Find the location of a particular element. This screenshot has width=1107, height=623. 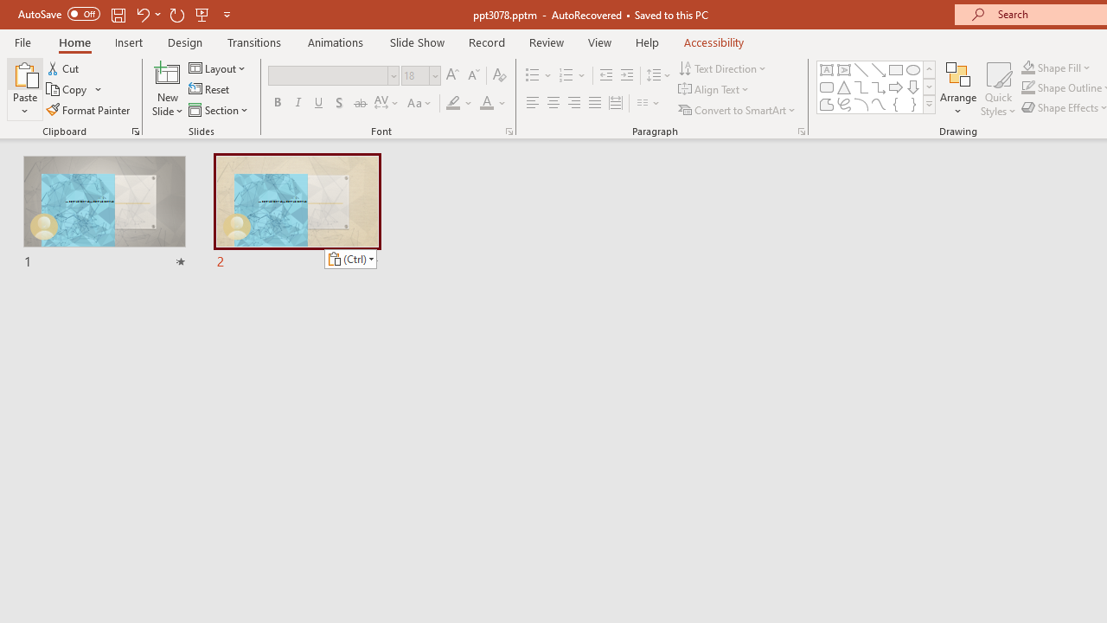

'Action: Paste alternatives' is located at coordinates (349, 259).